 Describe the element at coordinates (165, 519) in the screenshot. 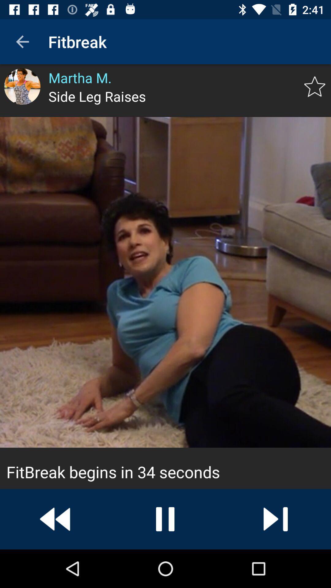

I see `pause toggle` at that location.